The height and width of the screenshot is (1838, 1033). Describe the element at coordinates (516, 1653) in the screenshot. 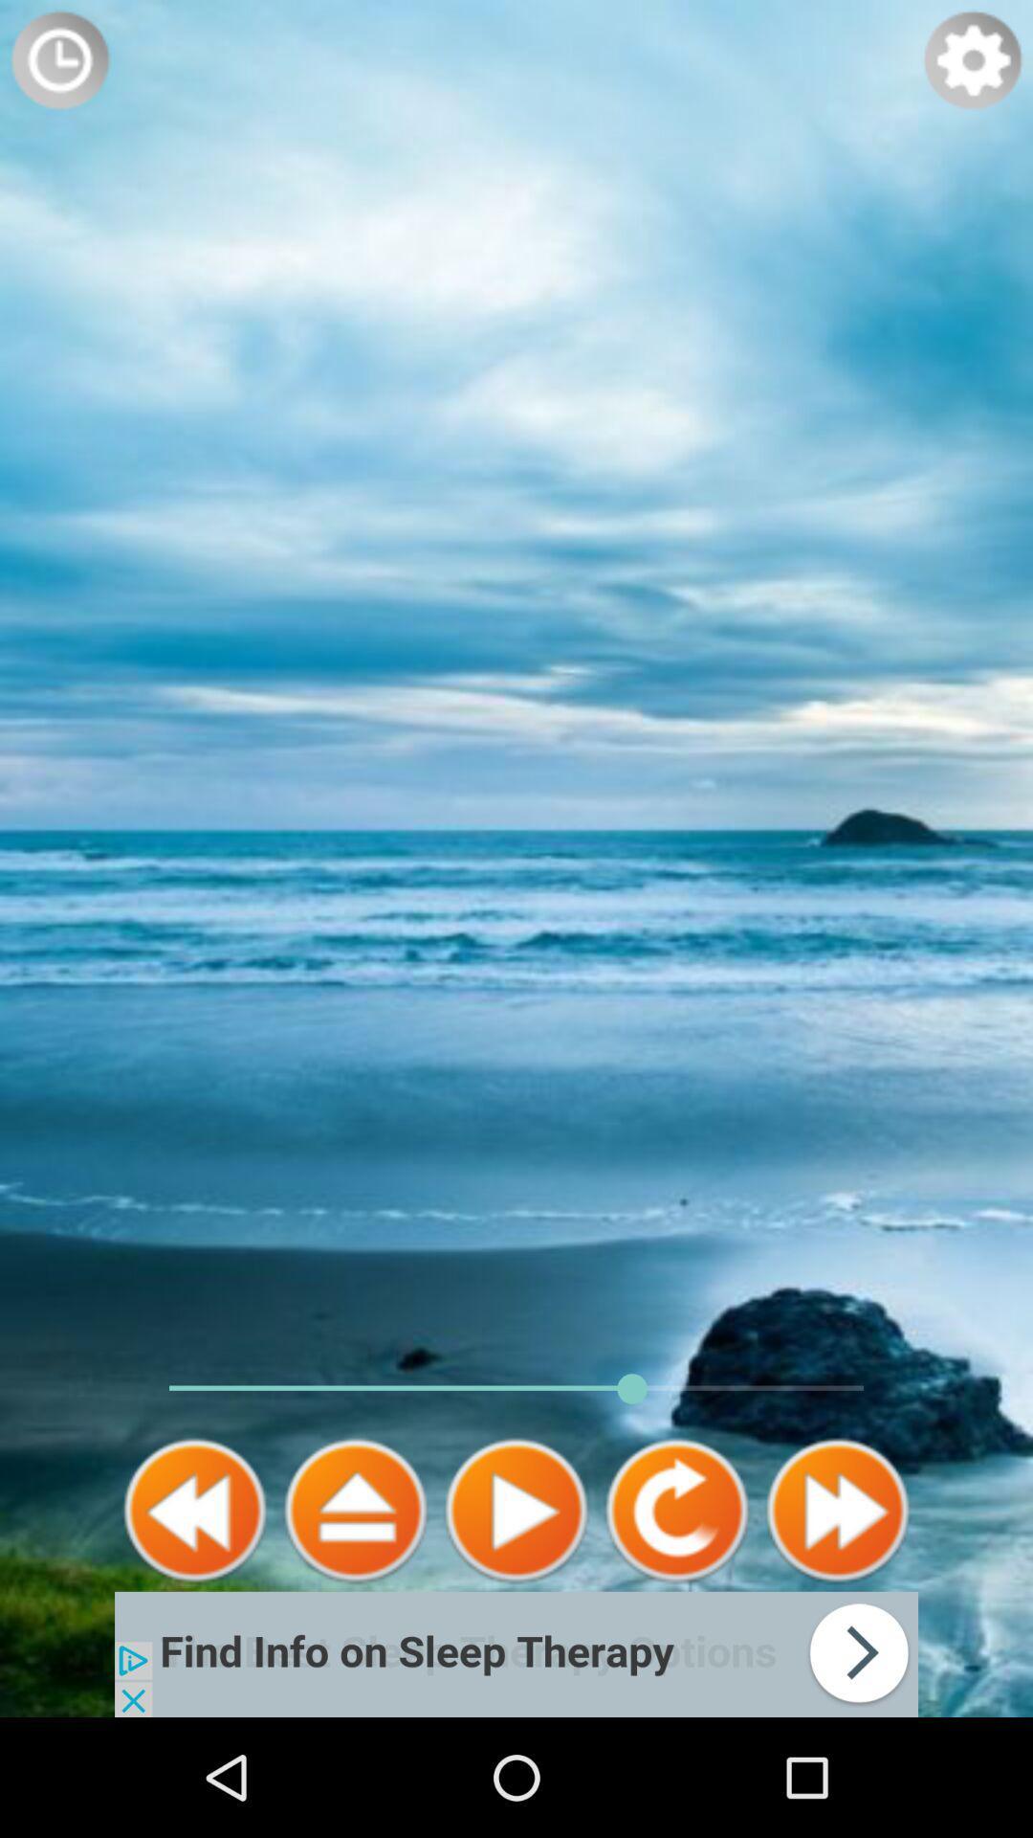

I see `open advertisement` at that location.